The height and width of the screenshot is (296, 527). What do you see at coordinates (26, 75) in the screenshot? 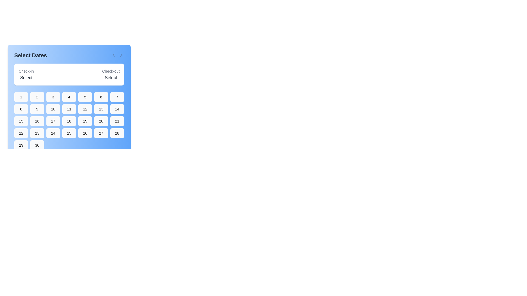
I see `the 'Check-in' date selection area in the date picker interface` at bounding box center [26, 75].